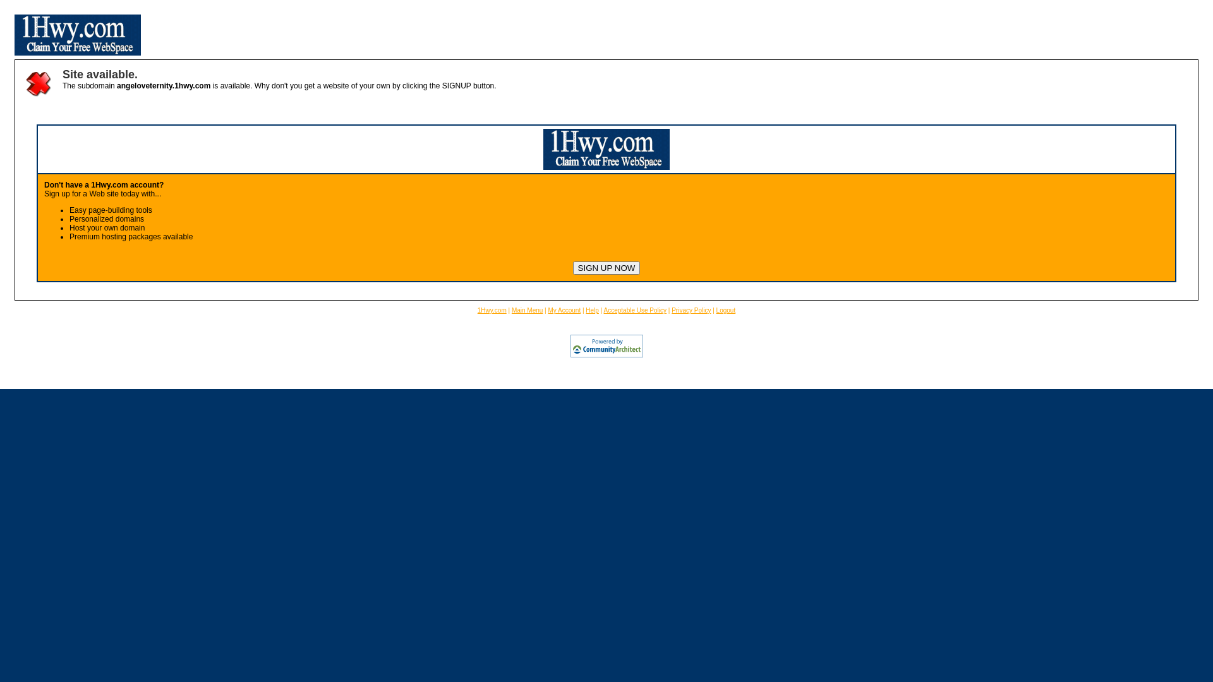 Image resolution: width=1213 pixels, height=682 pixels. I want to click on '1Hwy.com', so click(491, 310).